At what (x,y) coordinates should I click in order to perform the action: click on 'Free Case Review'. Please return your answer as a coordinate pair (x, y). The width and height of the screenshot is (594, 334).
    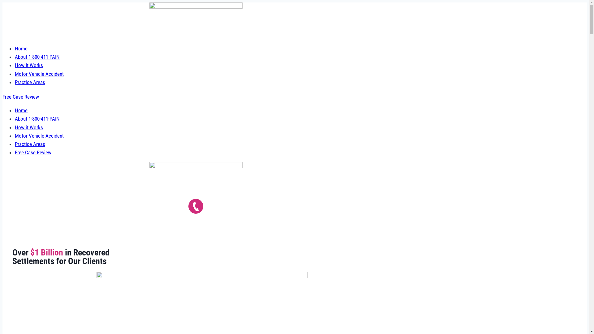
    Looking at the image, I should click on (21, 96).